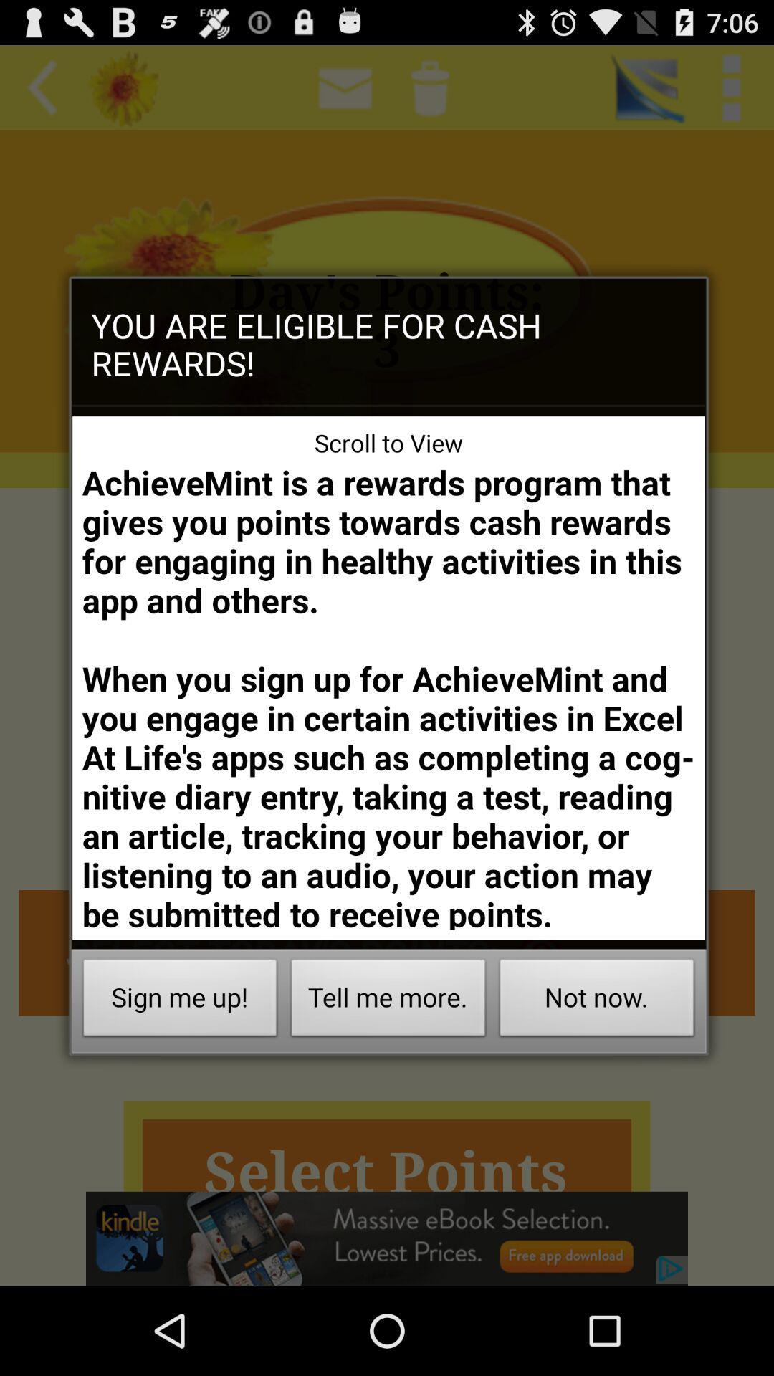 This screenshot has height=1376, width=774. I want to click on the item at the bottom right corner, so click(597, 1000).